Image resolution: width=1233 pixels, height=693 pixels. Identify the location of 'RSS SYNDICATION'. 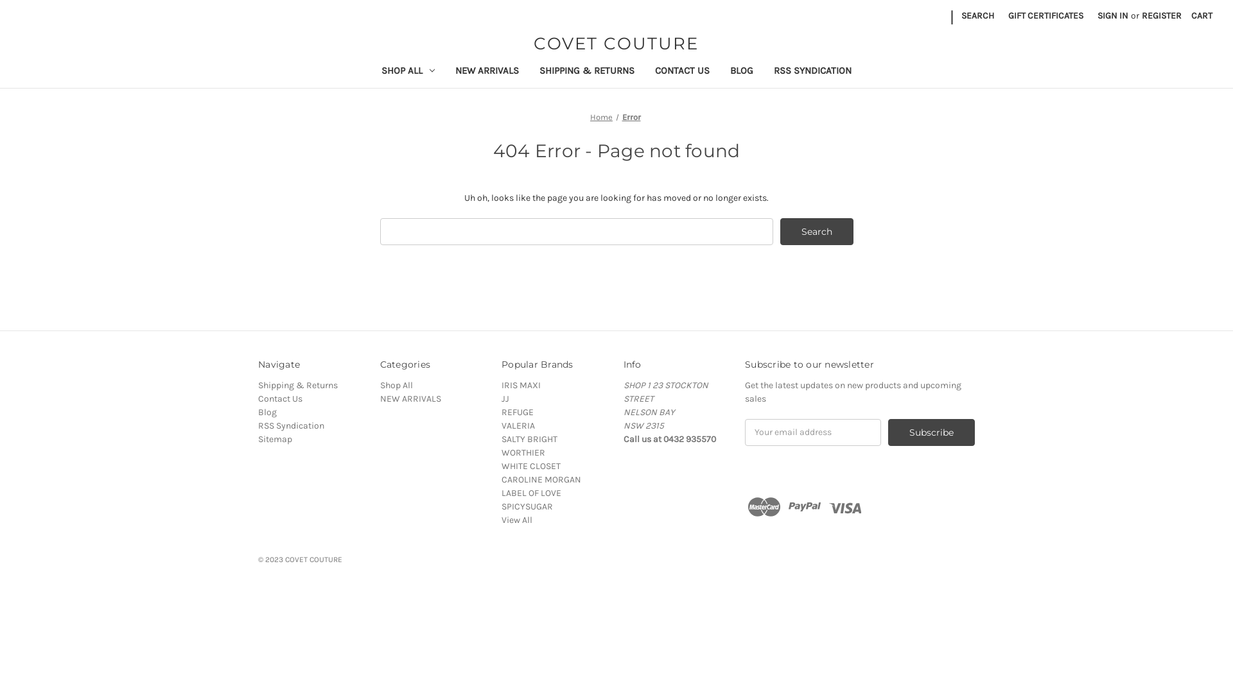
(812, 72).